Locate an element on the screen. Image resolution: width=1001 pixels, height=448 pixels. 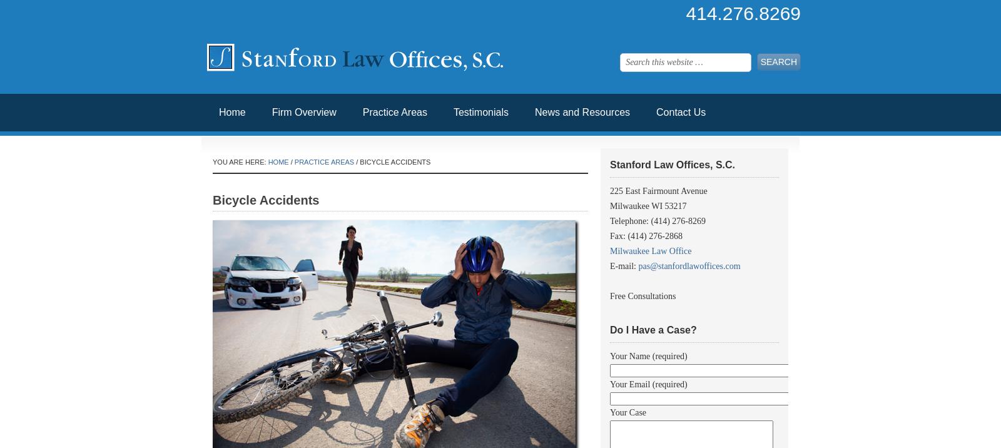
'414.276.8269' is located at coordinates (686, 13).